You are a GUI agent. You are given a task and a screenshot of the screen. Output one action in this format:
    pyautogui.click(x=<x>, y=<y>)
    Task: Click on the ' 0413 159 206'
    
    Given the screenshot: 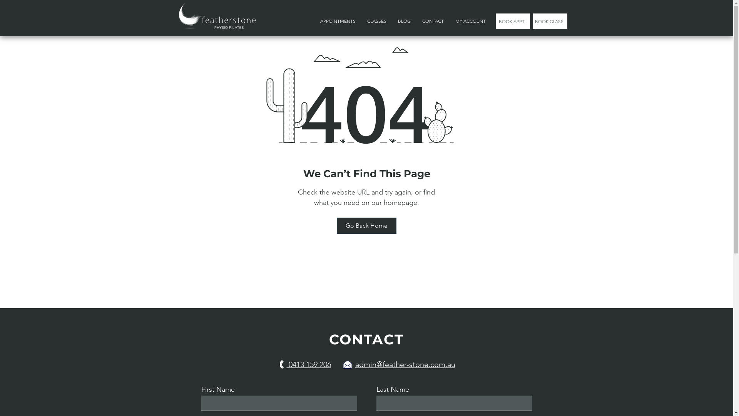 What is the action you would take?
    pyautogui.click(x=308, y=364)
    